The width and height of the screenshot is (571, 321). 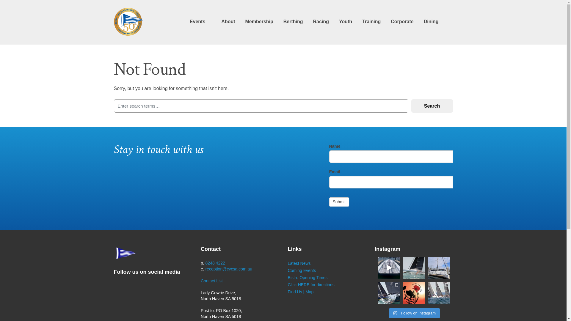 I want to click on 'Search', so click(x=432, y=106).